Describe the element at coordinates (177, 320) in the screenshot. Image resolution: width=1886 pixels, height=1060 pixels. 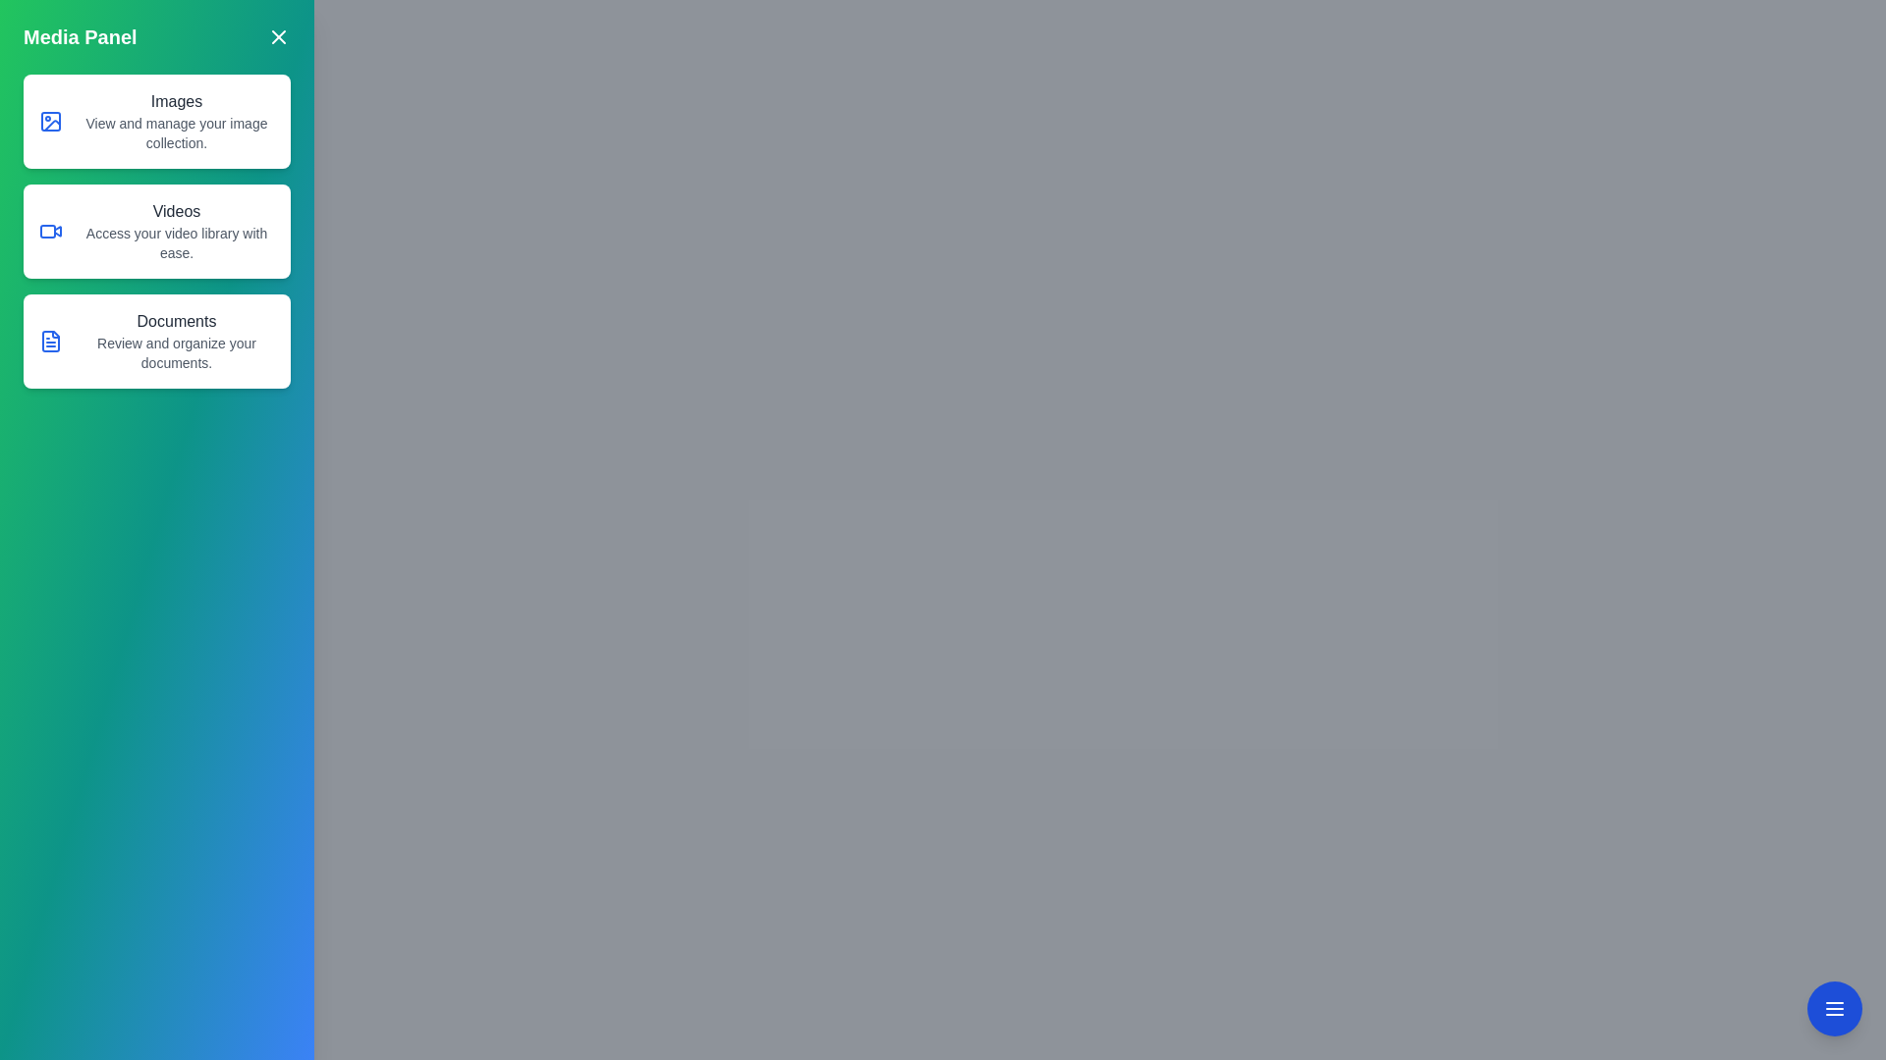
I see `the Static text label displaying 'Documents' located at the top of the third group in the main menu panel, above the description 'Review and organize your documents'` at that location.